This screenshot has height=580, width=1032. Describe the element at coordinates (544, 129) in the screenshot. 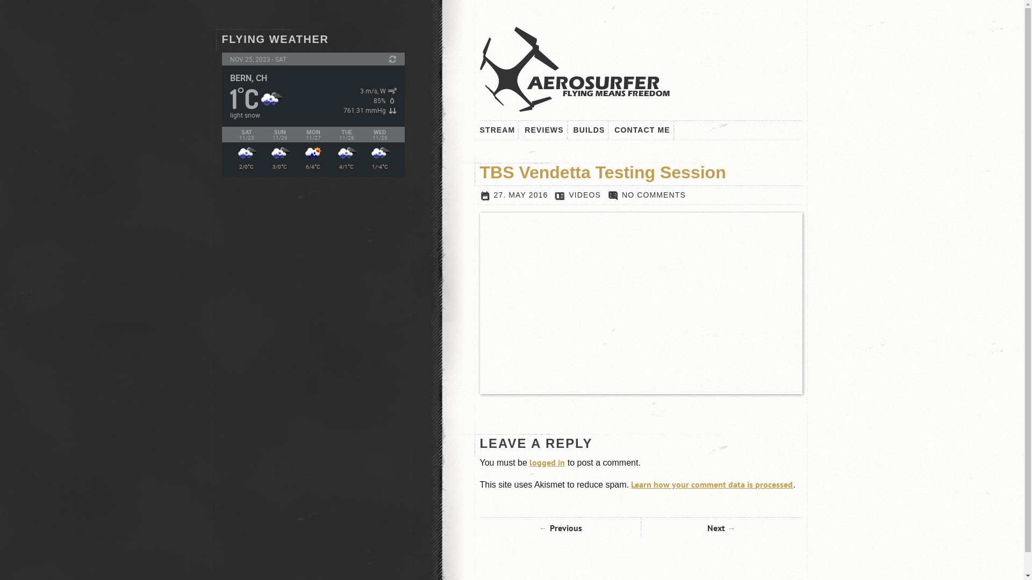

I see `'REVIEWS'` at that location.